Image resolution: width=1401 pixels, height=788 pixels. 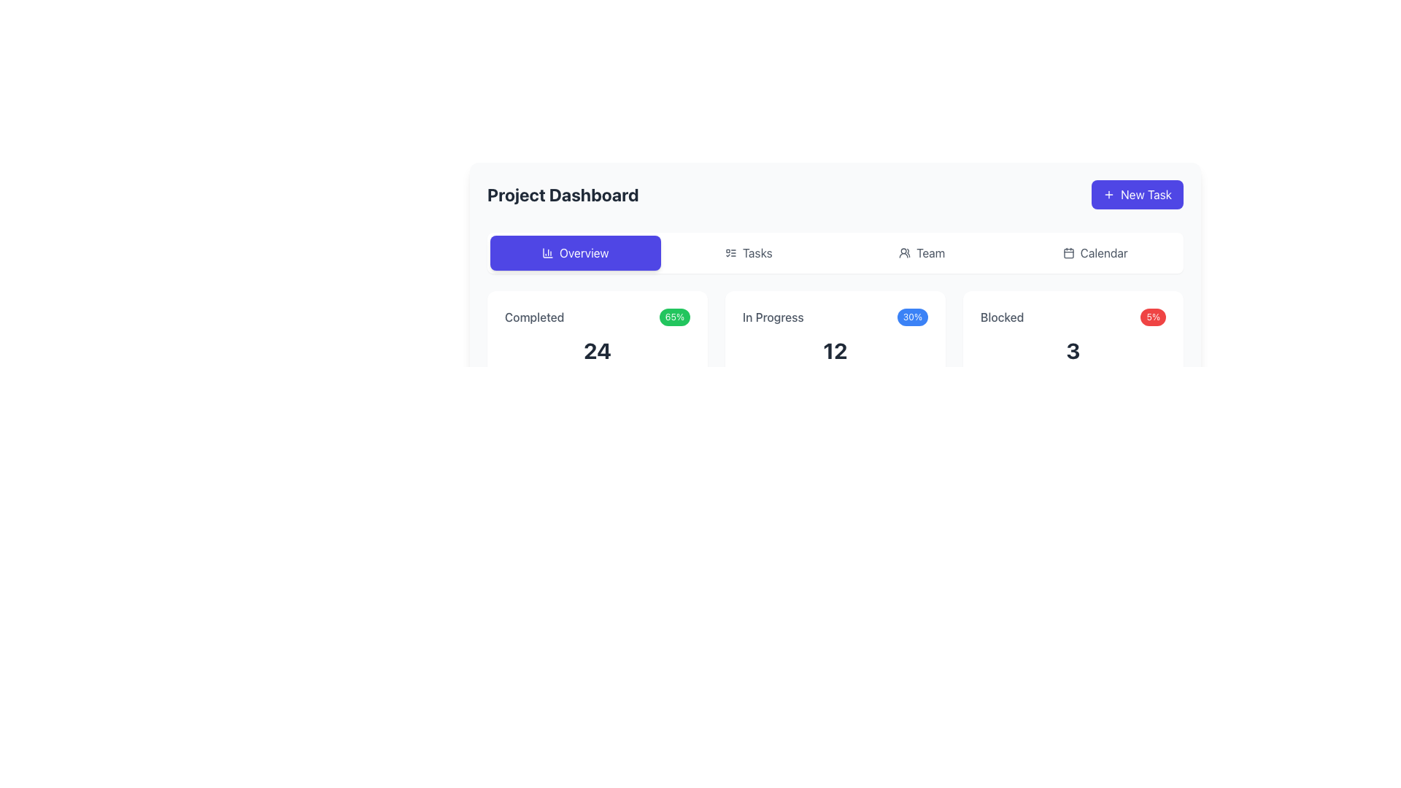 I want to click on the small rectangle graphical component within the icon located in the upper right section of the interface, aligned with the 'Calendar' tab, so click(x=1068, y=252).